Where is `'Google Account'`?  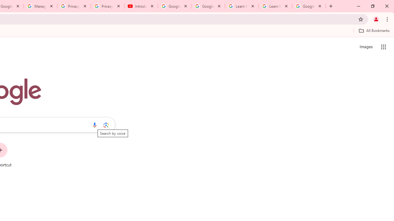
'Google Account' is located at coordinates (309, 6).